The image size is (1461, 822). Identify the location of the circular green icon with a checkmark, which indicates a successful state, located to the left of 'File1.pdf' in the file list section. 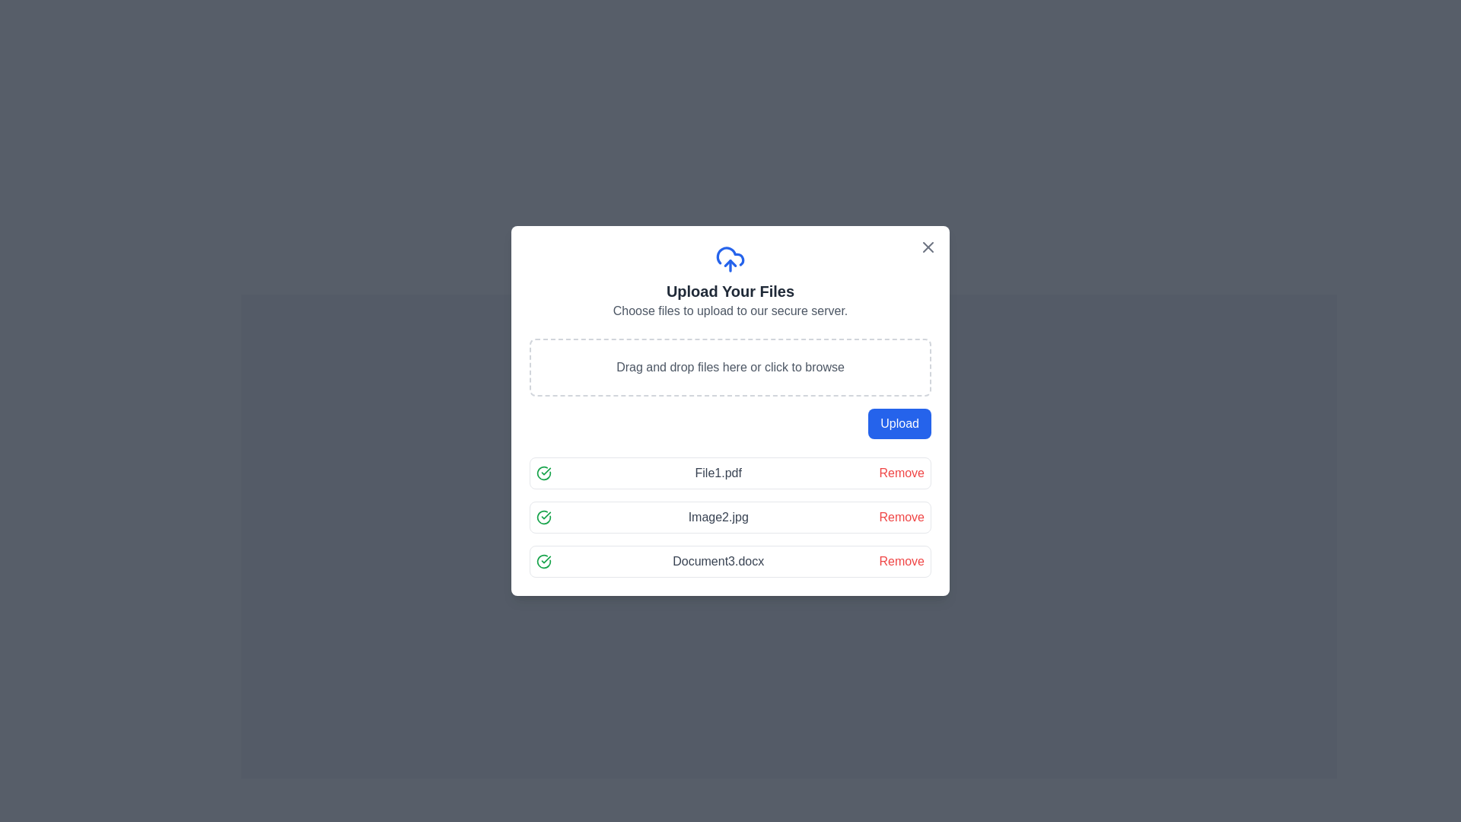
(544, 472).